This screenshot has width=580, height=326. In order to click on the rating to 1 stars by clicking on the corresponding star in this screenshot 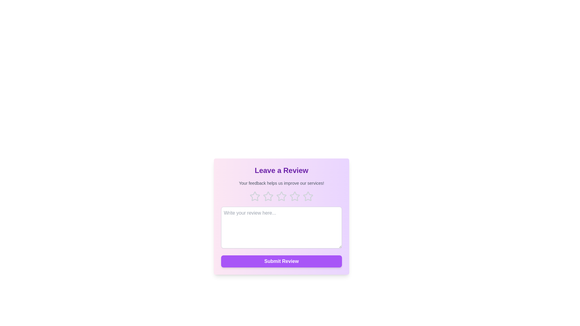, I will do `click(255, 197)`.